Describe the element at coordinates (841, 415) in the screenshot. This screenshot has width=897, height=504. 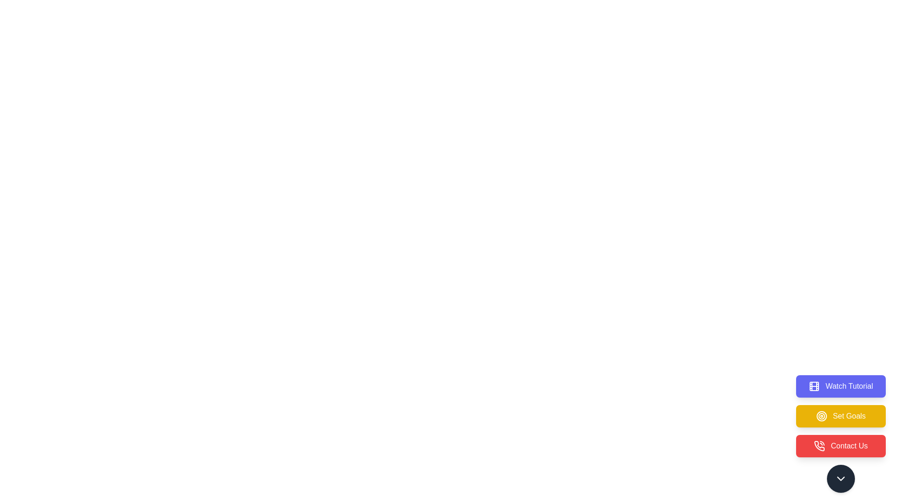
I see `the Set Goals button to select the corresponding action` at that location.